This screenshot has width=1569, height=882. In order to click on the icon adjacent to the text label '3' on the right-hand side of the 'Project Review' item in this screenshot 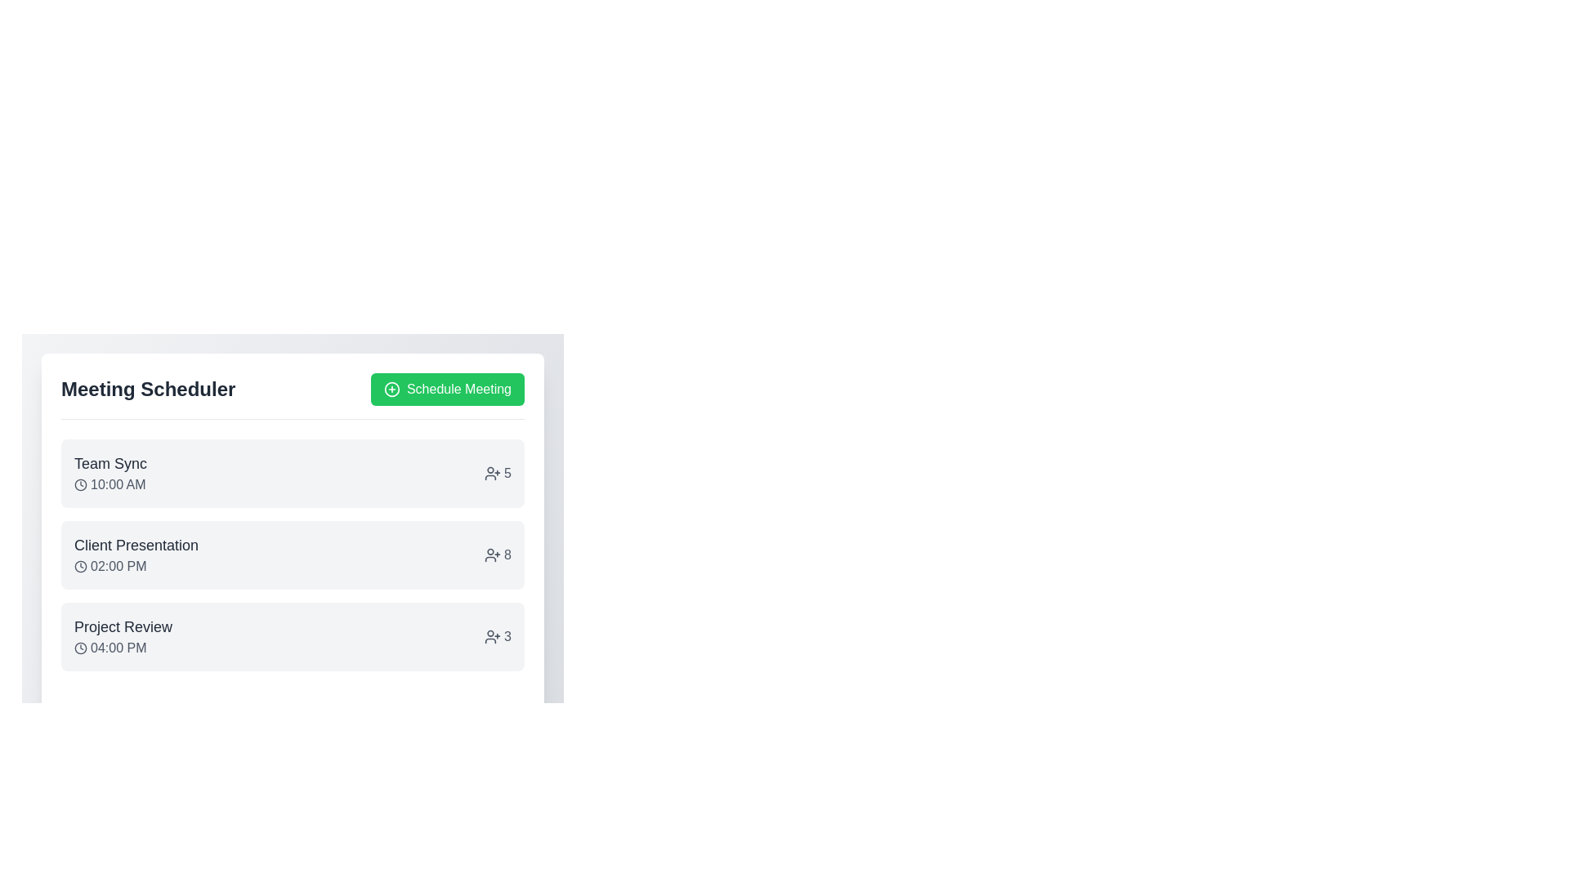, I will do `click(492, 635)`.